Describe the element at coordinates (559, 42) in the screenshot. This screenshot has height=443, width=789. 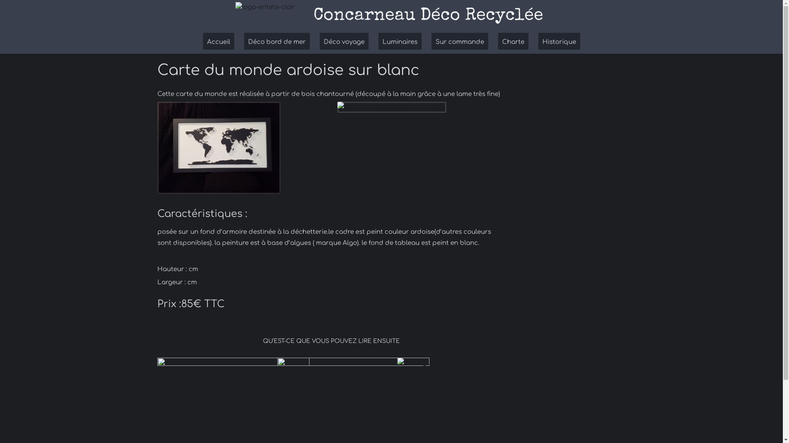
I see `'Historique'` at that location.